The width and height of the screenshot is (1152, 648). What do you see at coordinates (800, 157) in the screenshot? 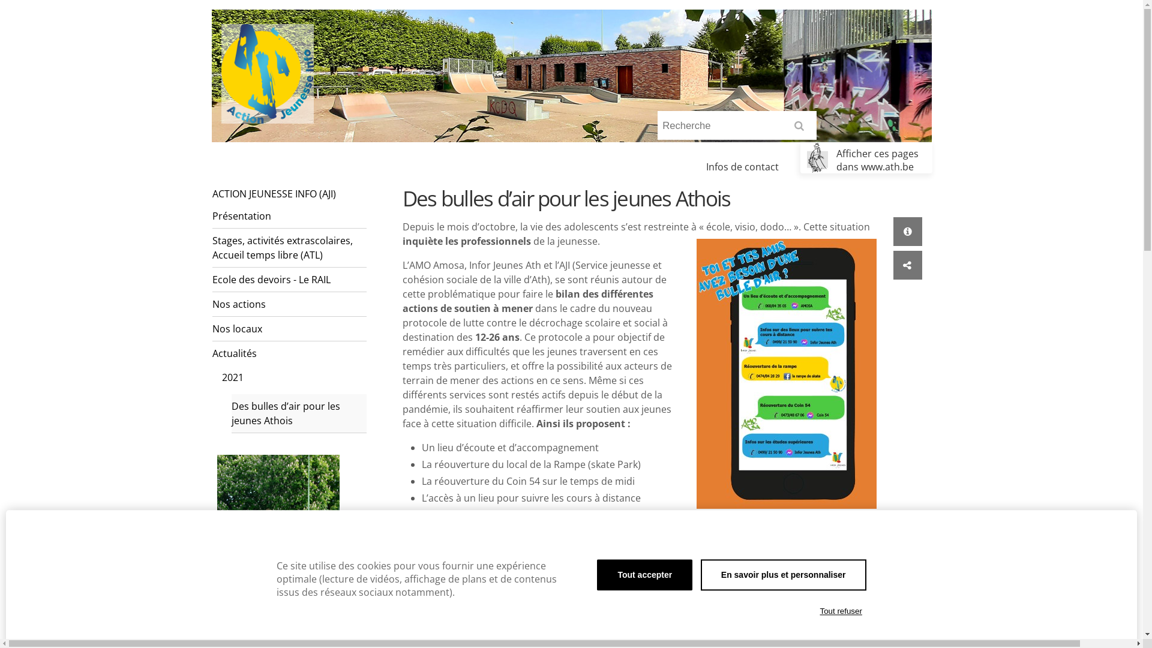
I see `'Afficher ces pages dans www.ath.be'` at bounding box center [800, 157].